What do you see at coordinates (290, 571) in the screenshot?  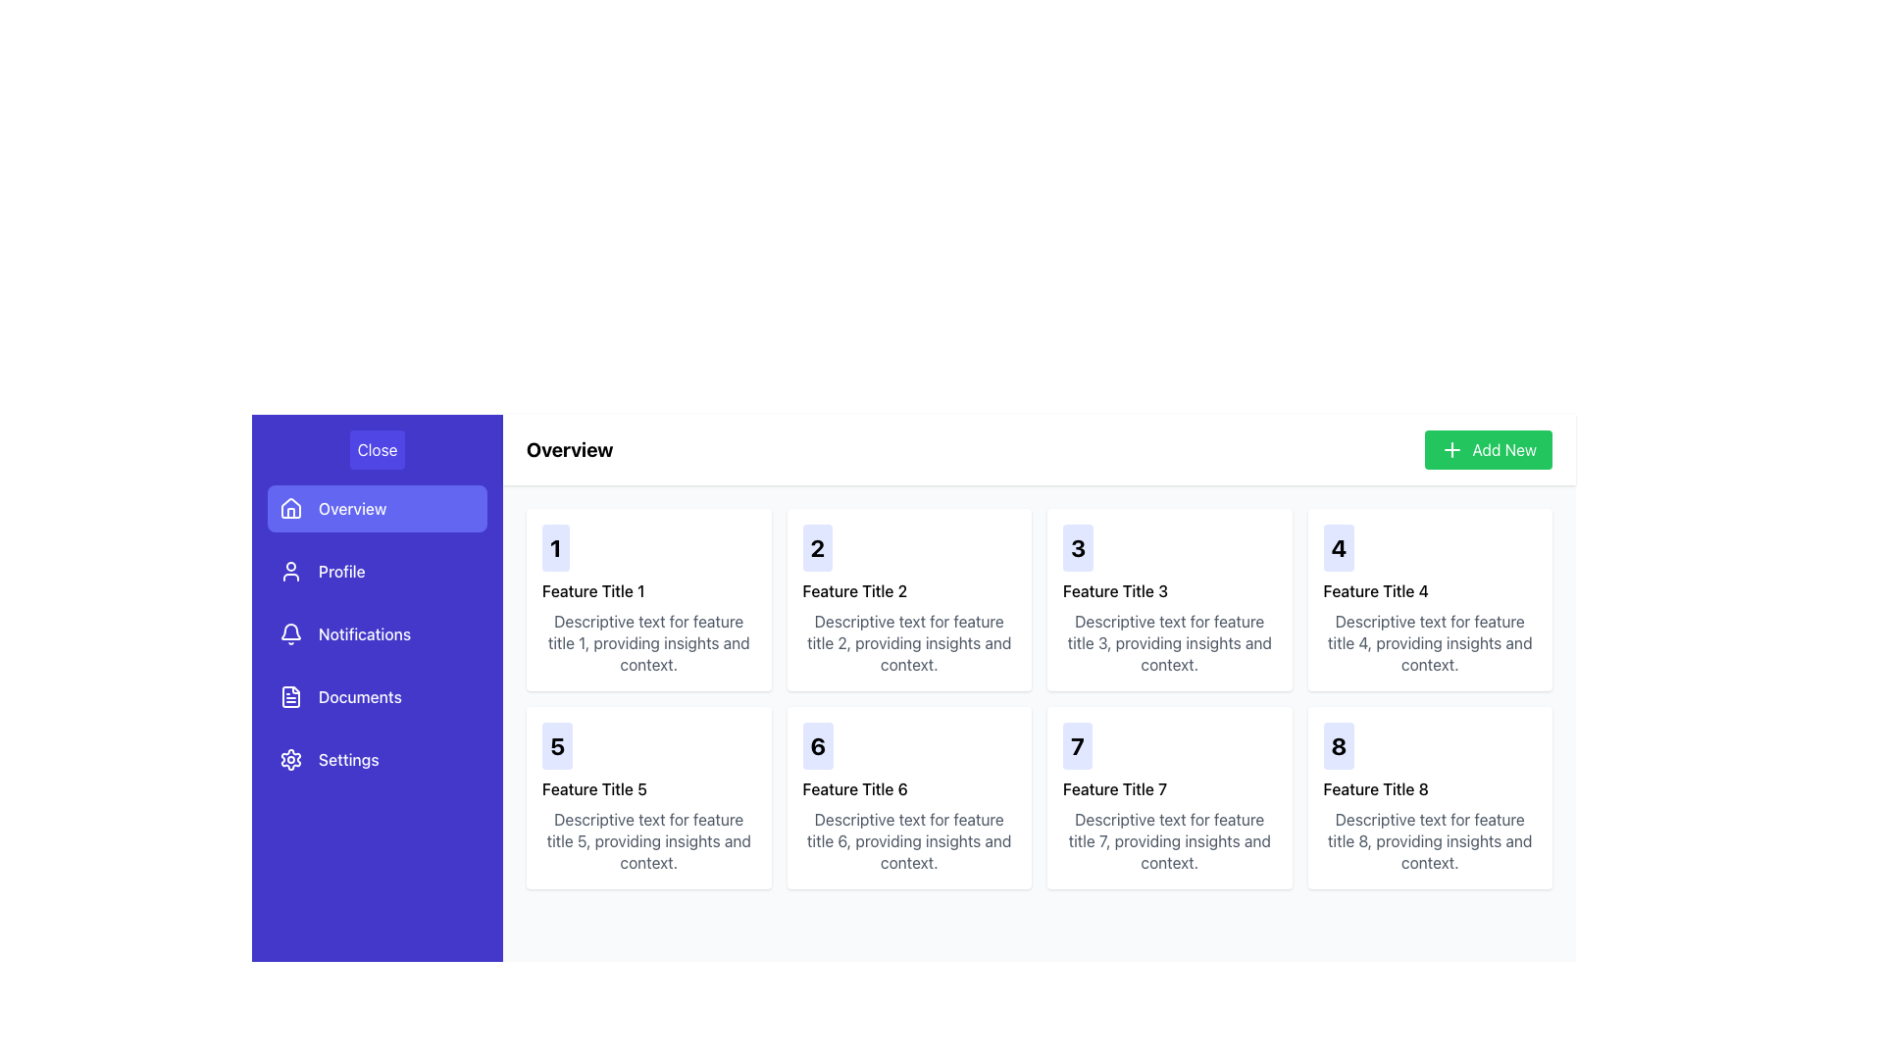 I see `the circular user icon located within the 'Profile' button in the left sidebar` at bounding box center [290, 571].